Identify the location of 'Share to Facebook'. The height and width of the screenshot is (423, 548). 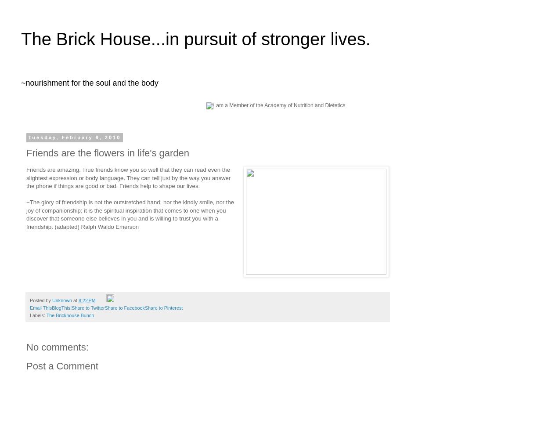
(124, 307).